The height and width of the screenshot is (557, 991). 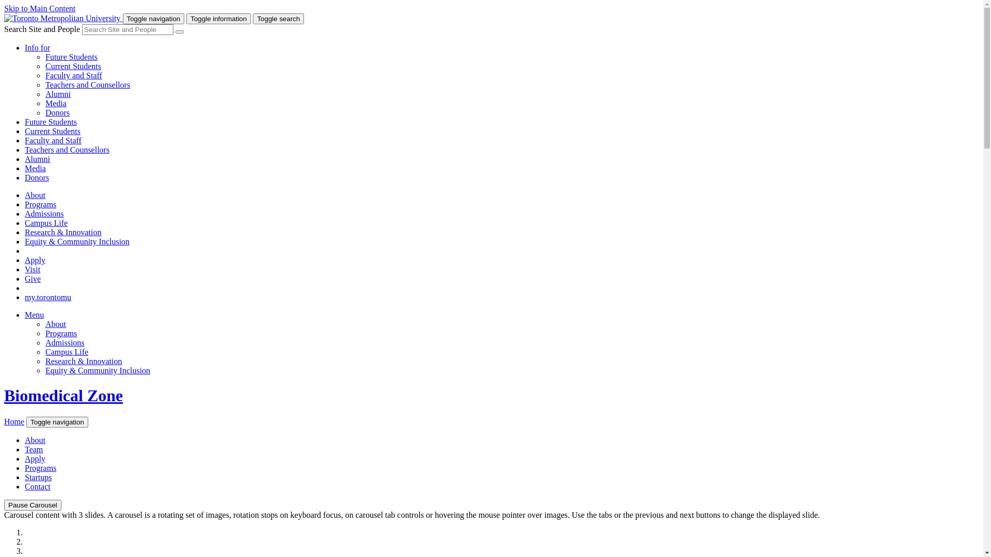 What do you see at coordinates (25, 269) in the screenshot?
I see `'Visit'` at bounding box center [25, 269].